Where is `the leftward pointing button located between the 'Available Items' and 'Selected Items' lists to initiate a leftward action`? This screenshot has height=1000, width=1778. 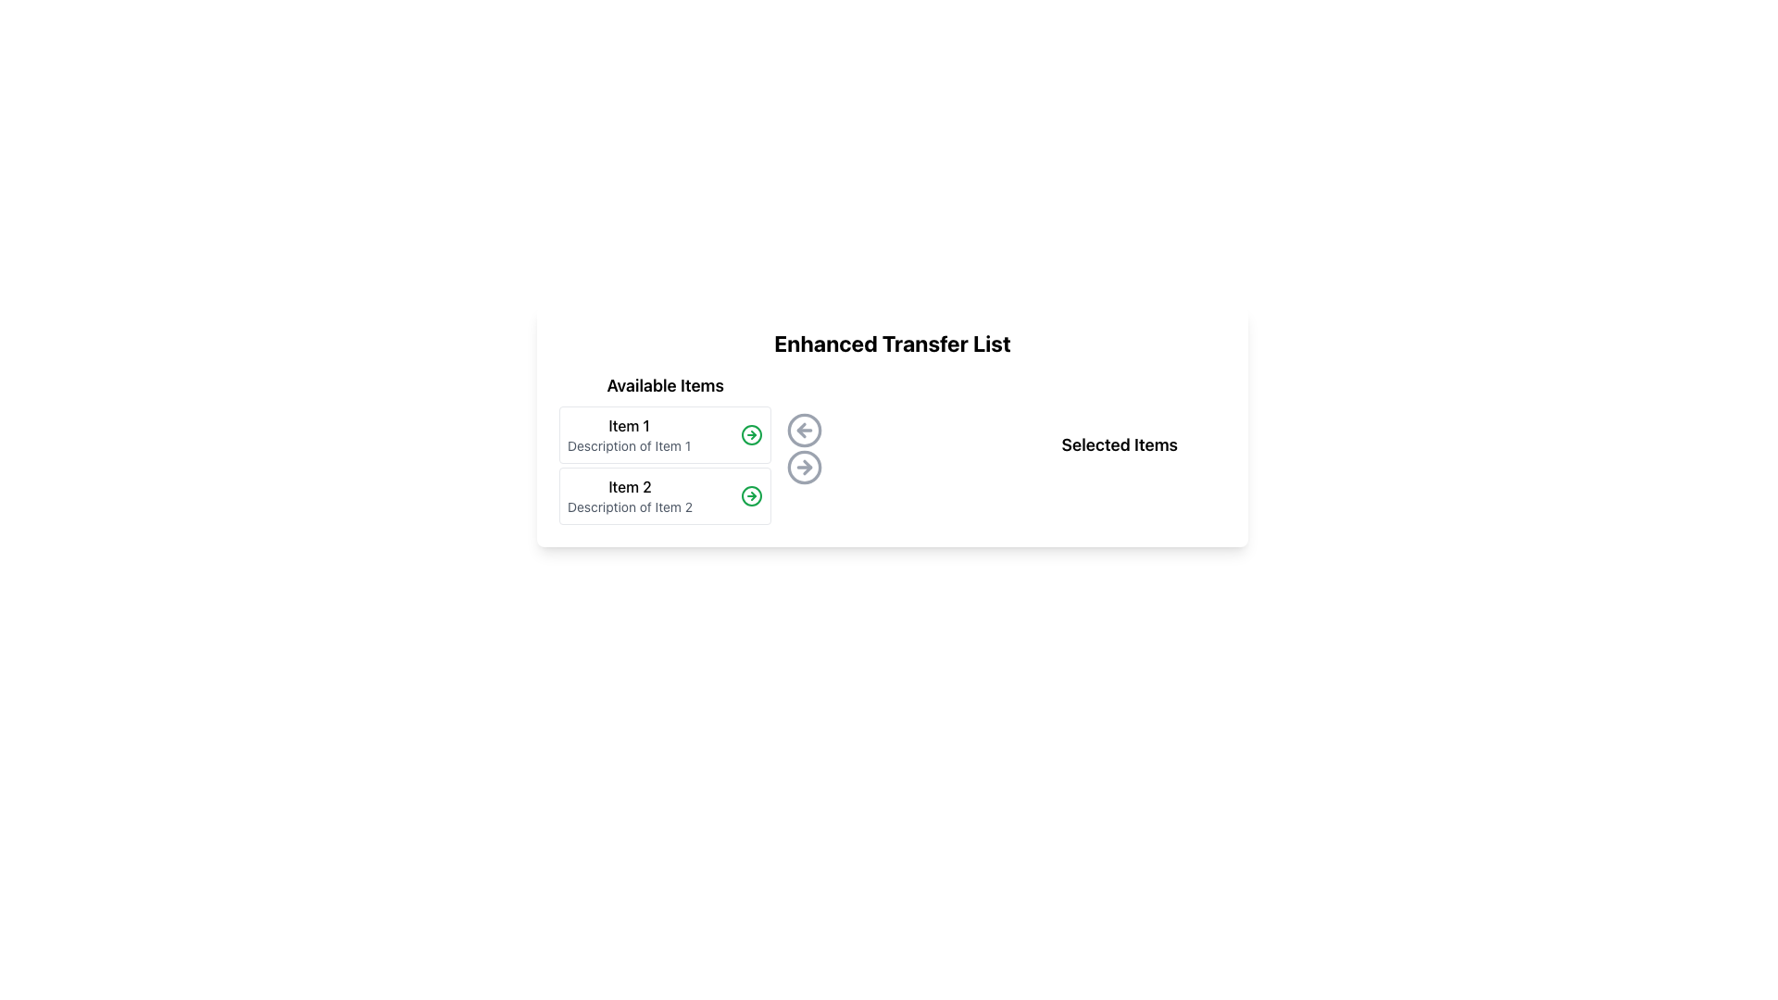 the leftward pointing button located between the 'Available Items' and 'Selected Items' lists to initiate a leftward action is located at coordinates (801, 431).